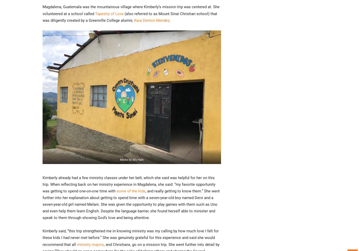 The height and width of the screenshot is (251, 359). What do you see at coordinates (77, 244) in the screenshot?
I see `'ministry majors'` at bounding box center [77, 244].